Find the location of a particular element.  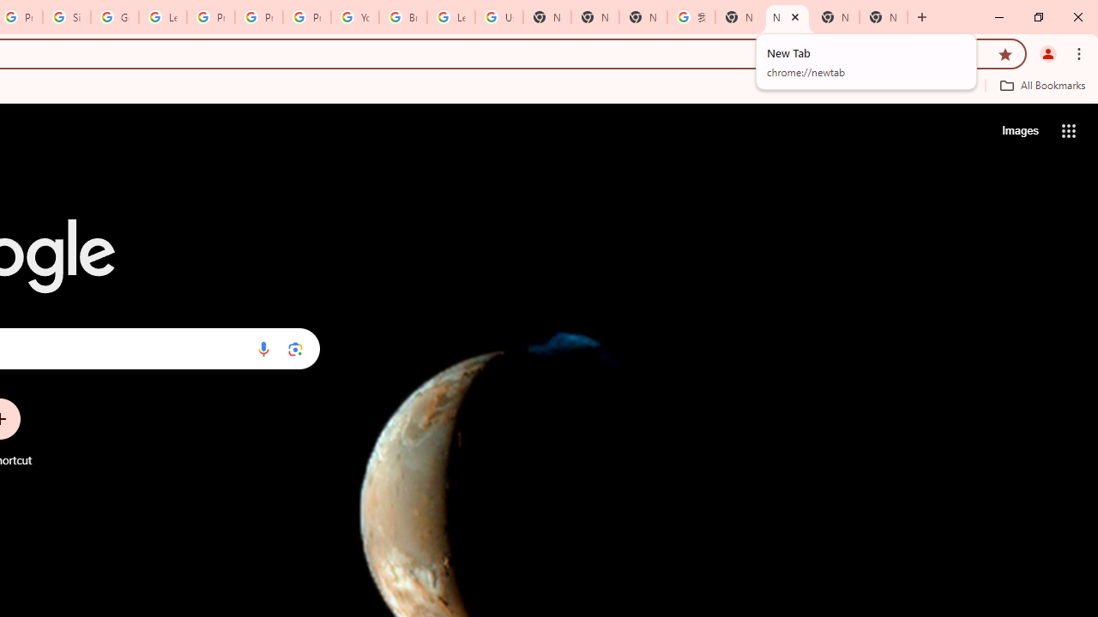

'Privacy Help Center - Policies Help' is located at coordinates (209, 17).